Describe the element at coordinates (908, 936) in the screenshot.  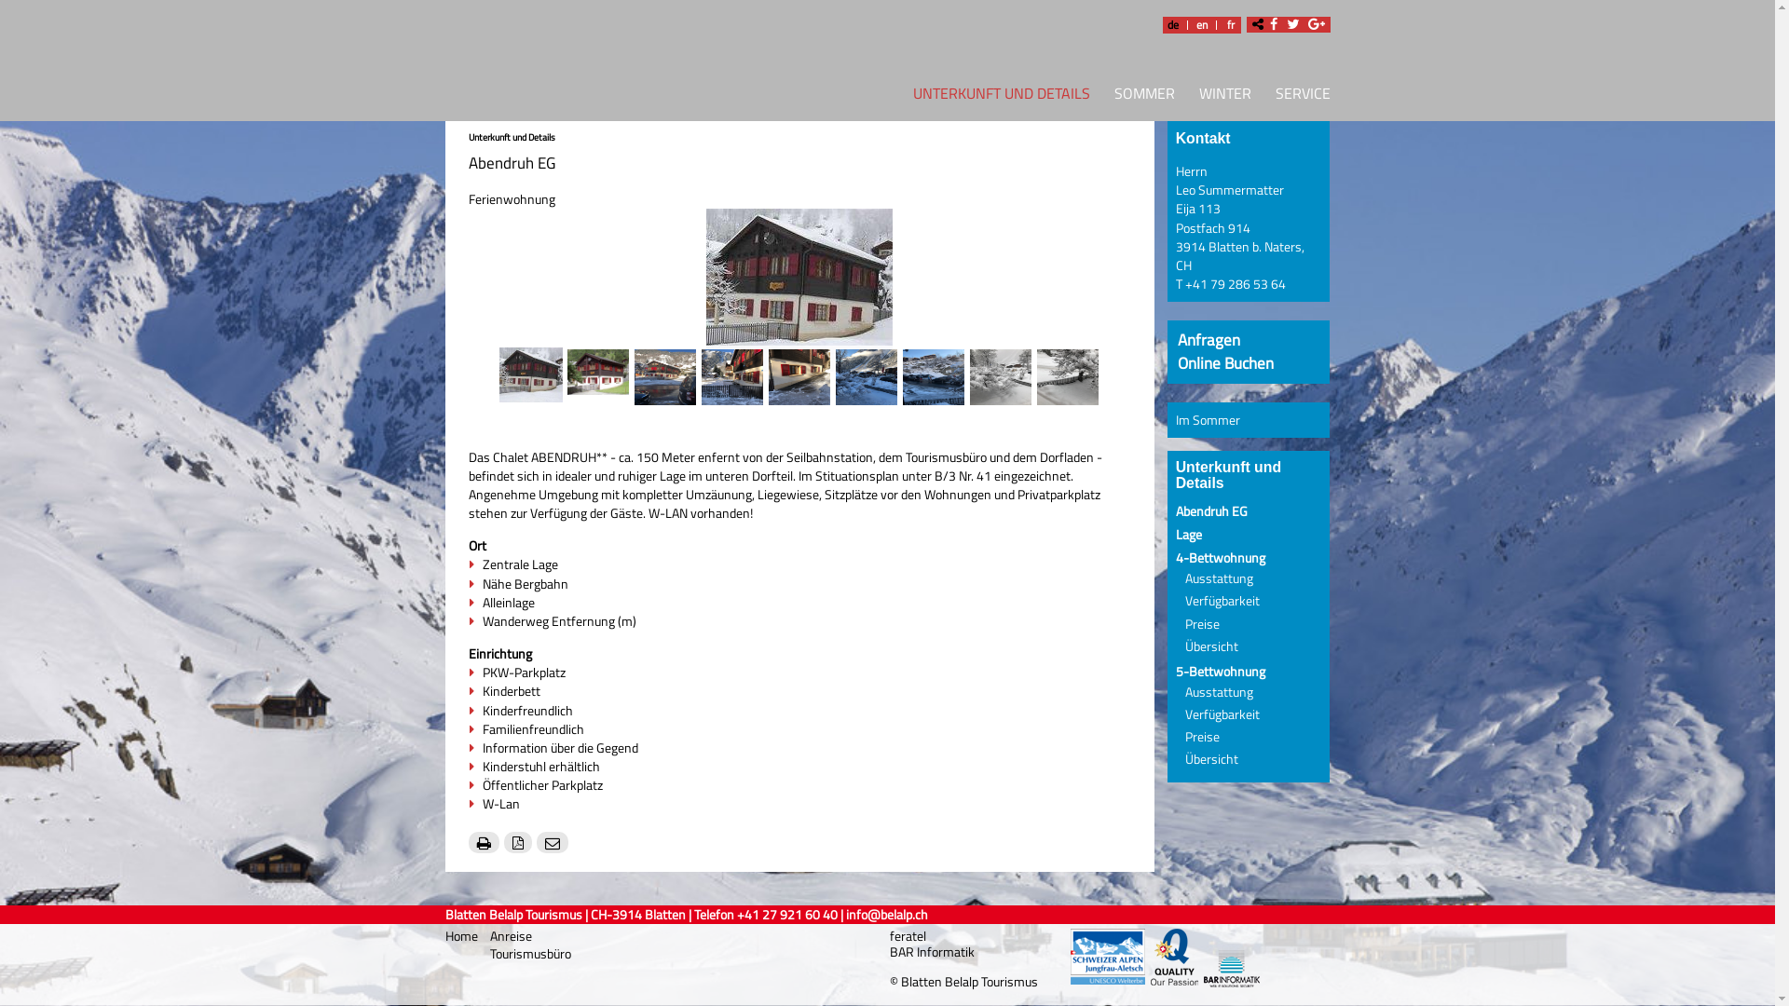
I see `'feratel'` at that location.